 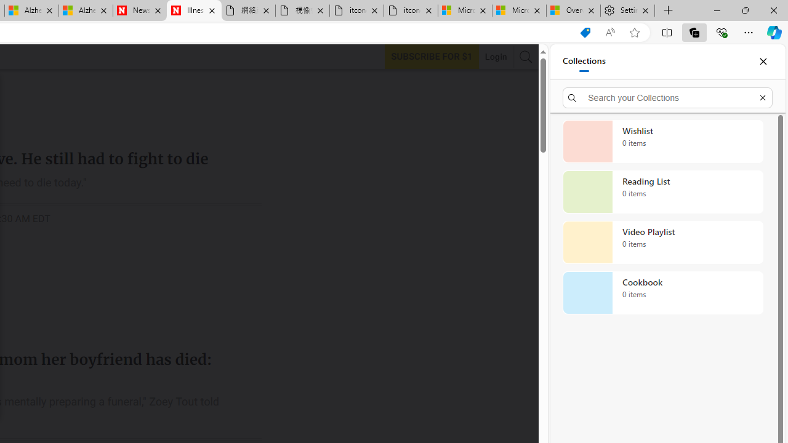 What do you see at coordinates (666, 31) in the screenshot?
I see `'Split screen'` at bounding box center [666, 31].